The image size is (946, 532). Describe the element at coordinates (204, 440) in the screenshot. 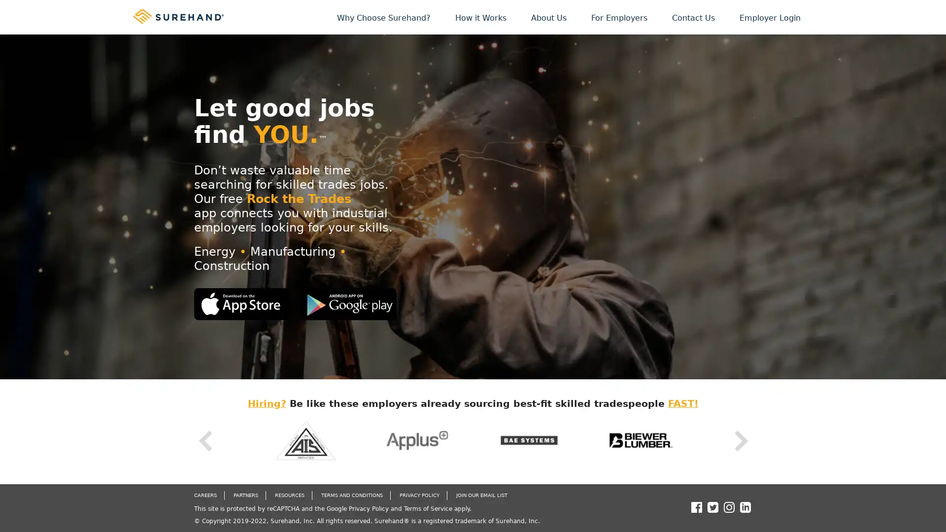

I see `Previous` at that location.